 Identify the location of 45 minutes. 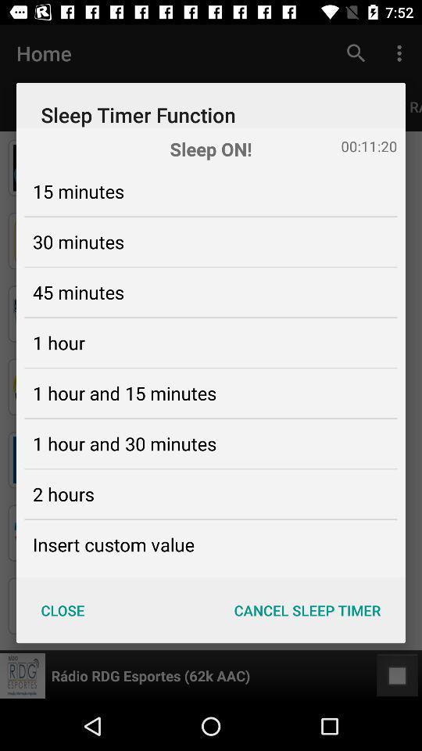
(77, 291).